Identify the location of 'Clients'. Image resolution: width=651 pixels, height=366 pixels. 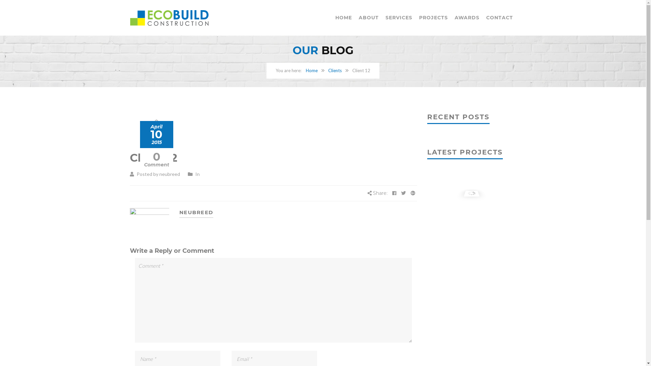
(335, 70).